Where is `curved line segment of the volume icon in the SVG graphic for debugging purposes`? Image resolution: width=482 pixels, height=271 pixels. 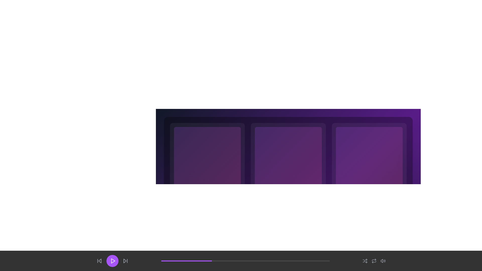
curved line segment of the volume icon in the SVG graphic for debugging purposes is located at coordinates (385, 261).